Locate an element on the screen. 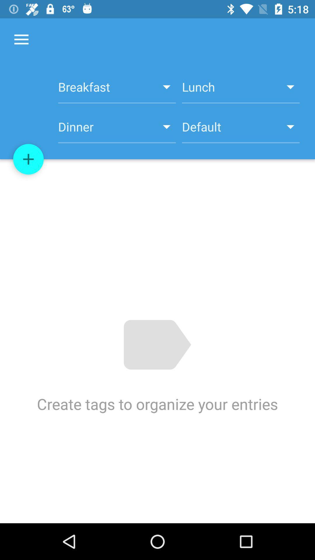 Image resolution: width=315 pixels, height=560 pixels. item next to default icon is located at coordinates (117, 130).